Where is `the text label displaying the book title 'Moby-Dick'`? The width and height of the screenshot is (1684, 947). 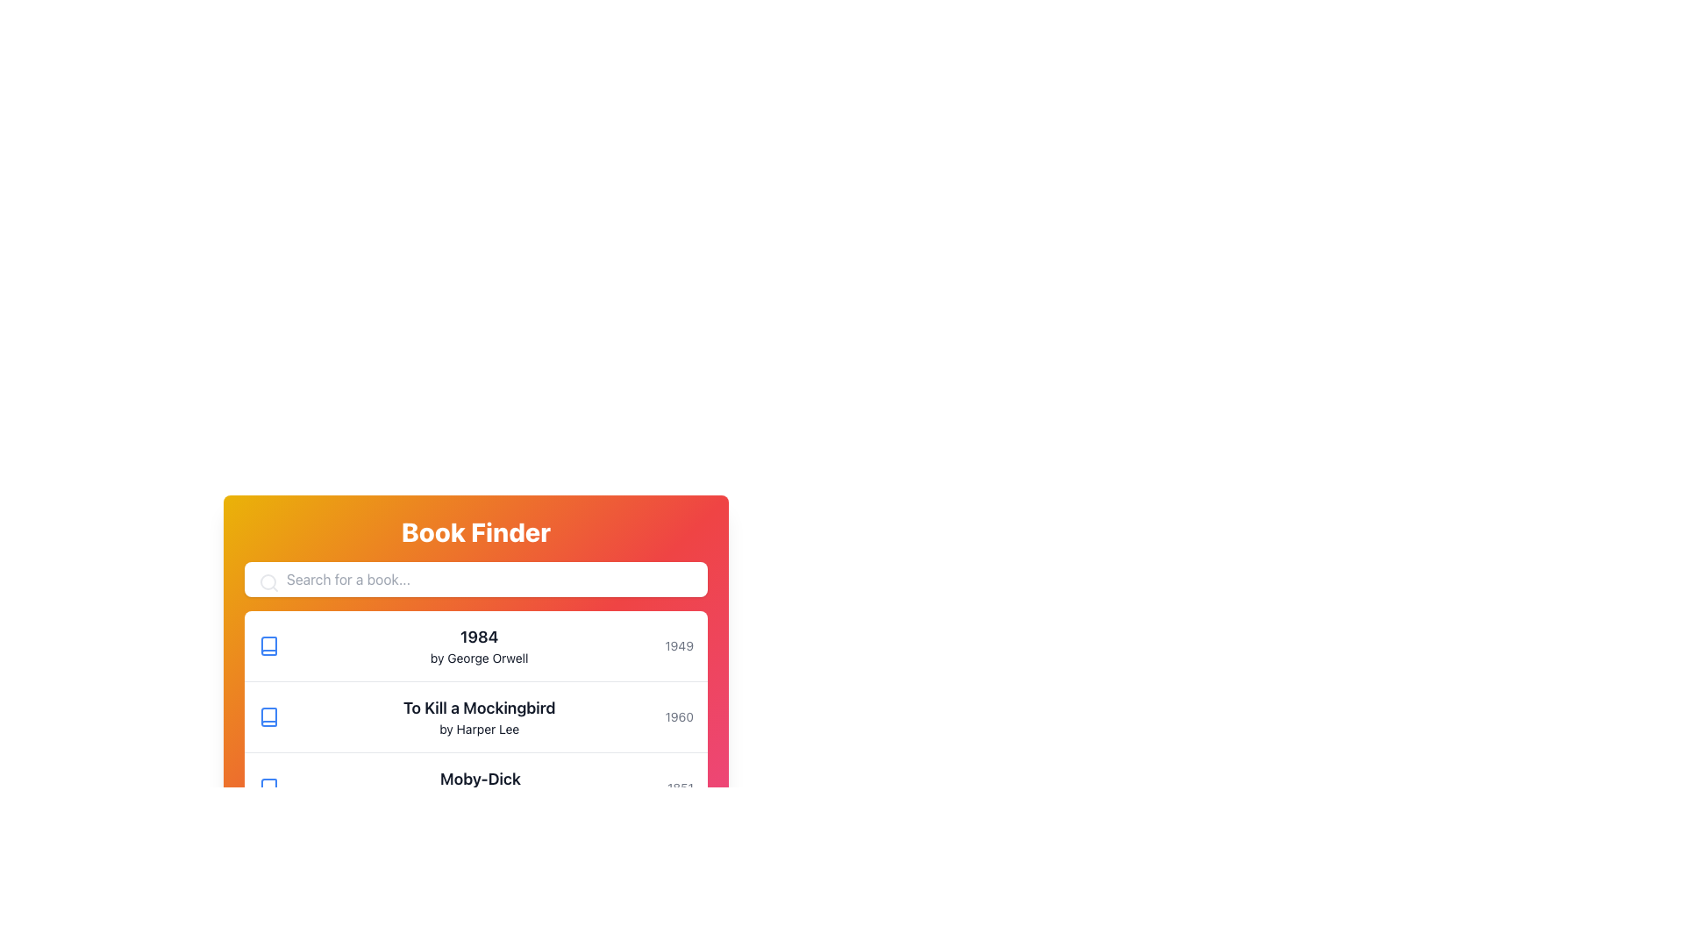 the text label displaying the book title 'Moby-Dick' is located at coordinates (480, 787).